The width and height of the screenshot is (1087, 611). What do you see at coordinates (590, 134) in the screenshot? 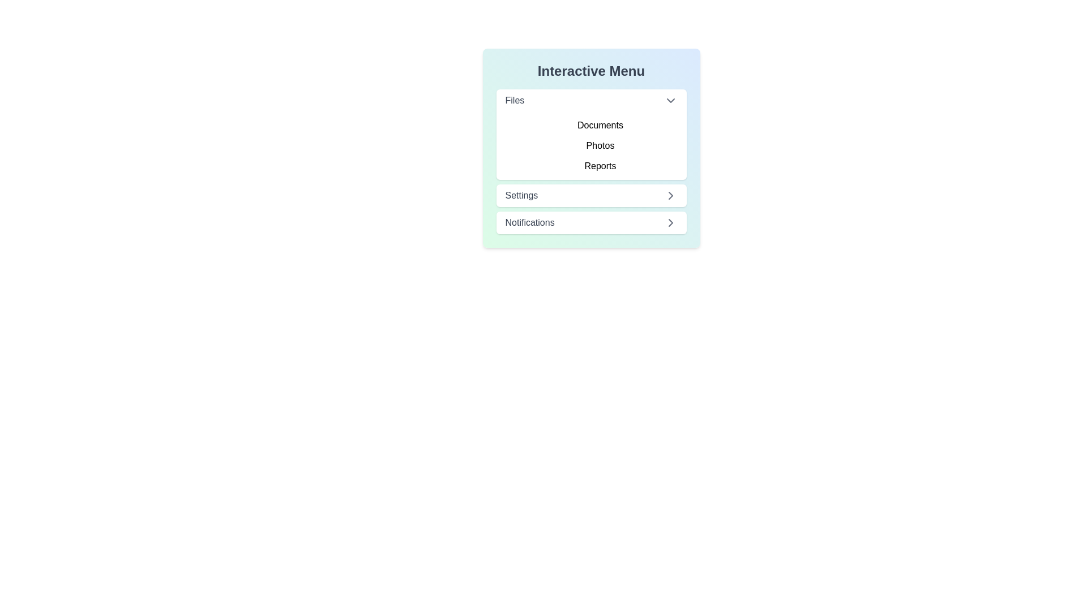
I see `an option in the dropdown menu labeled 'Files' to make a selection from the options 'Documents', 'Photos', or 'Reports'` at bounding box center [590, 134].